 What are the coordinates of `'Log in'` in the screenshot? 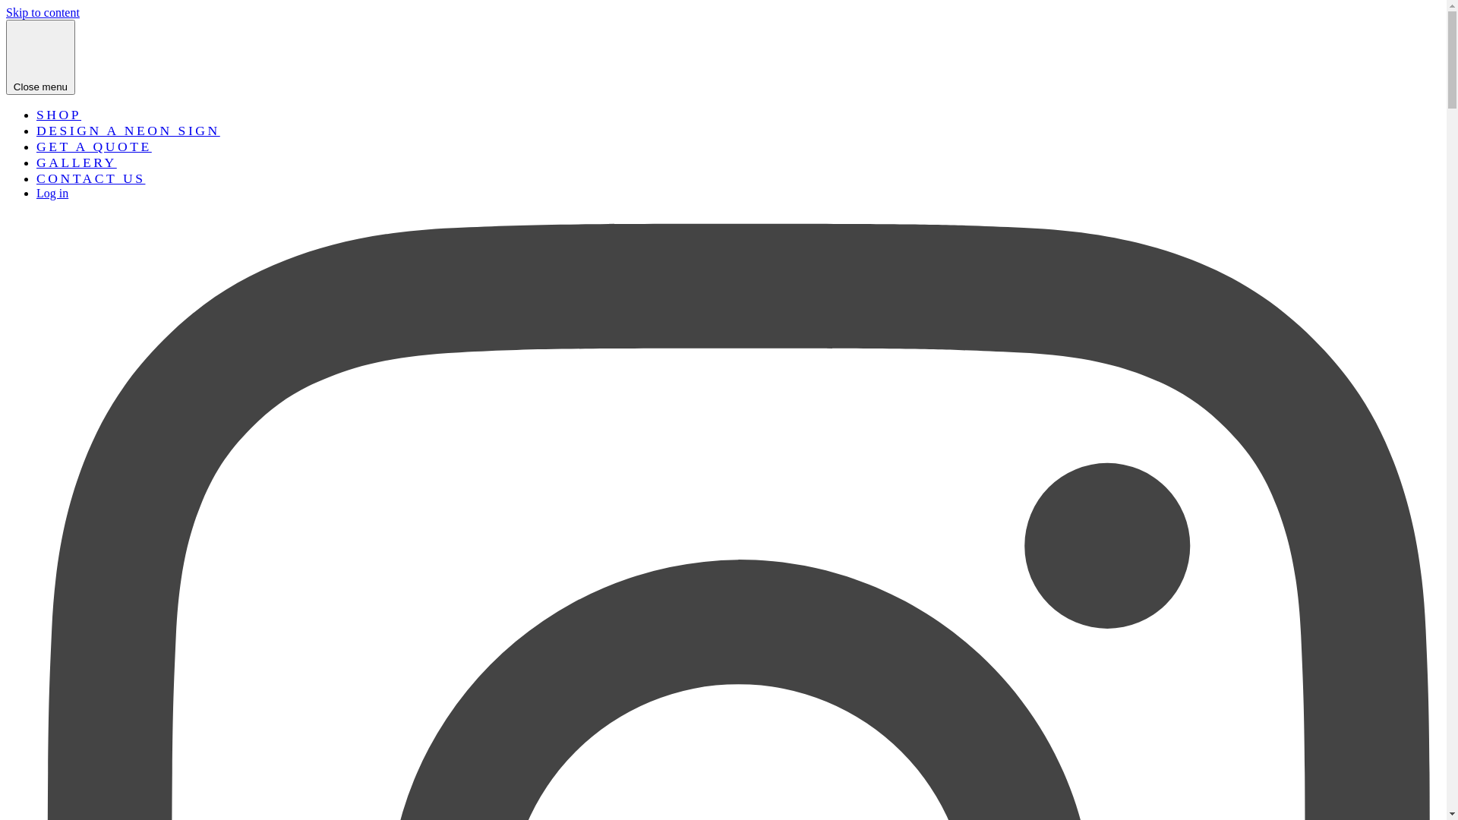 It's located at (52, 192).